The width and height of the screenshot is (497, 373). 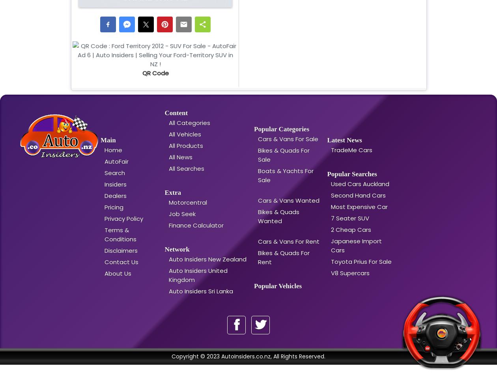 I want to click on '7 Seater SUV', so click(x=350, y=218).